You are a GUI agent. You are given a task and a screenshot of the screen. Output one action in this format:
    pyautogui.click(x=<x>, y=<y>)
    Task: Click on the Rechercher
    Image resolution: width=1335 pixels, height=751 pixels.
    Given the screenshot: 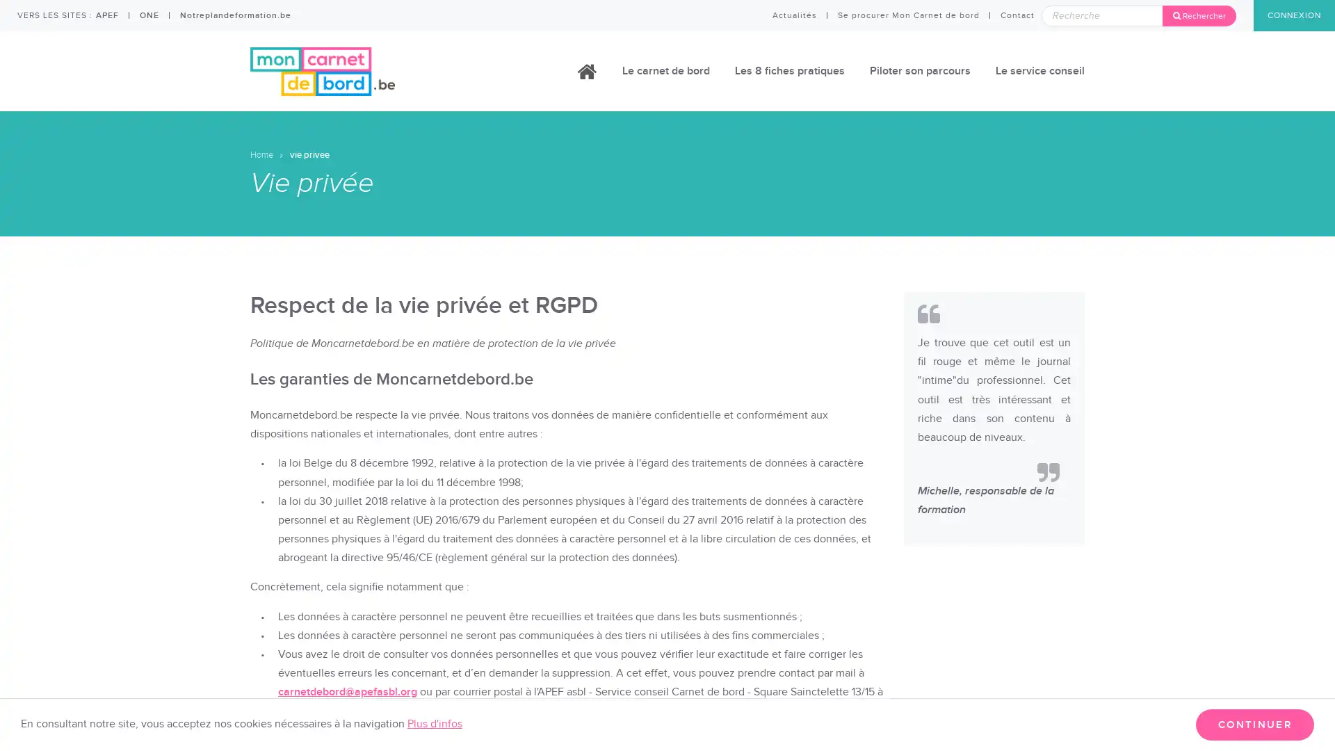 What is the action you would take?
    pyautogui.click(x=1198, y=15)
    